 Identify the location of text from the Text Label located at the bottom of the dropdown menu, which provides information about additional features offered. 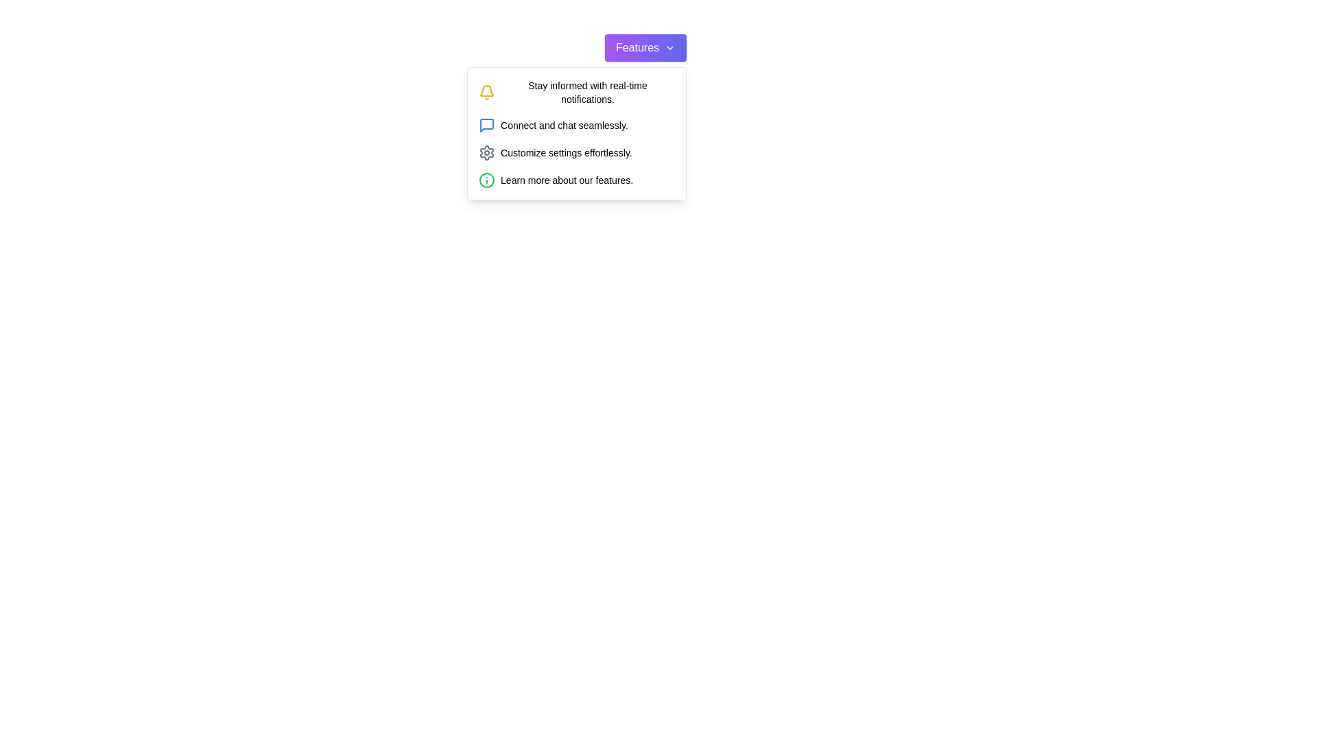
(567, 179).